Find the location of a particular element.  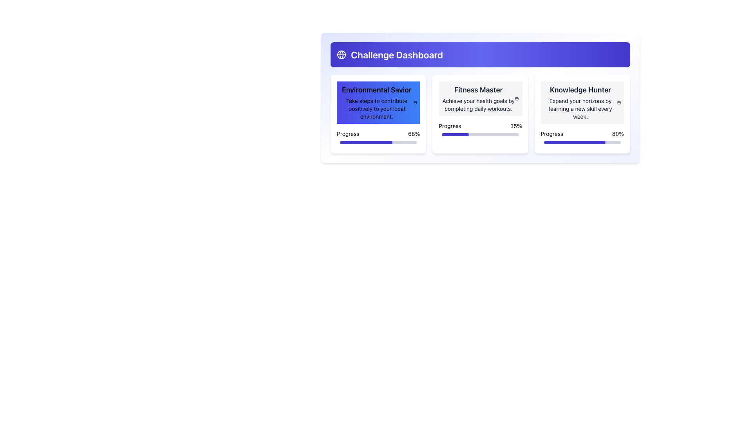

the text label reading 'Progress' located in the lower-left corner of the 'Environmental Savior' card, which describes the adjacent progress bar and percentage indicator is located at coordinates (347, 134).